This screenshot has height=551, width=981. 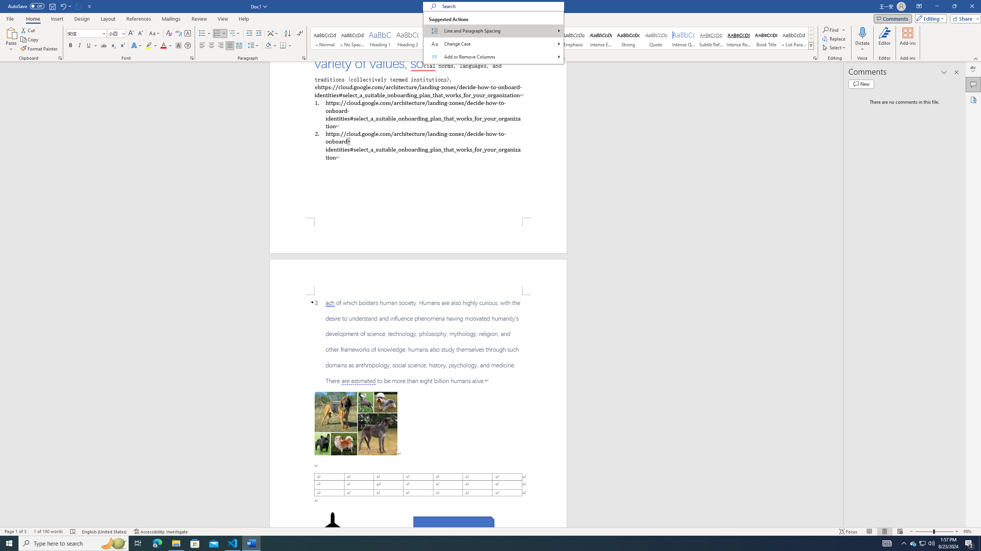 I want to click on 'Underline', so click(x=92, y=45).